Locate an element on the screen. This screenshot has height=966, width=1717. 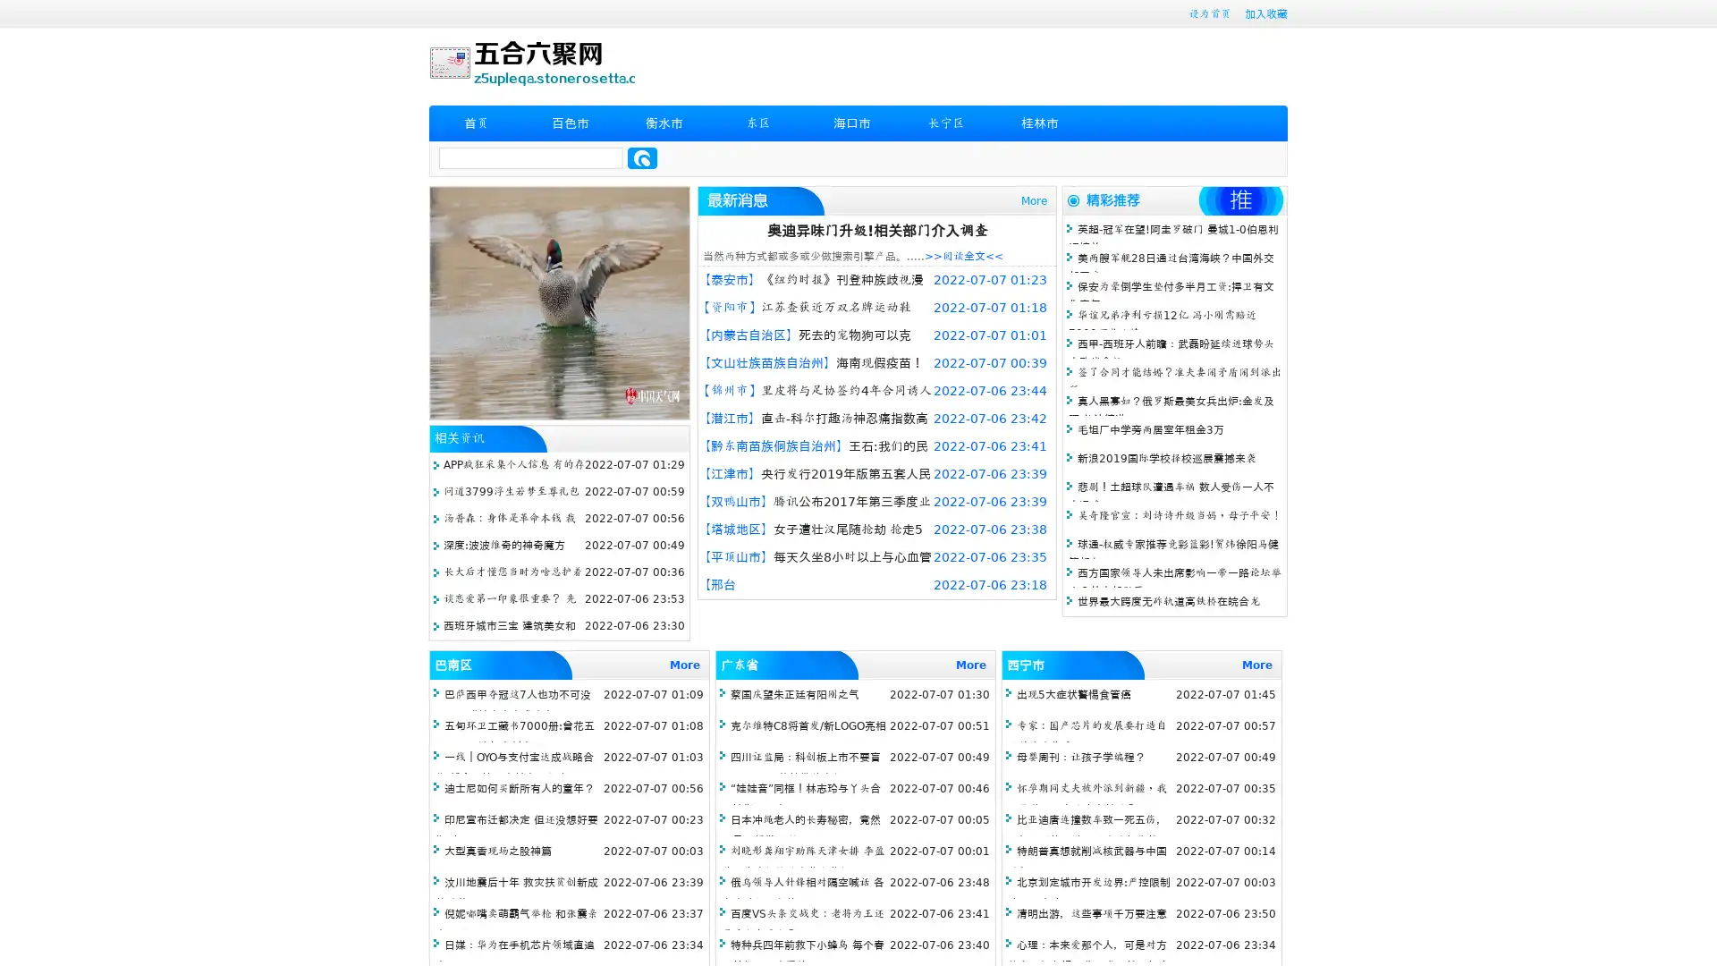
Search is located at coordinates (642, 157).